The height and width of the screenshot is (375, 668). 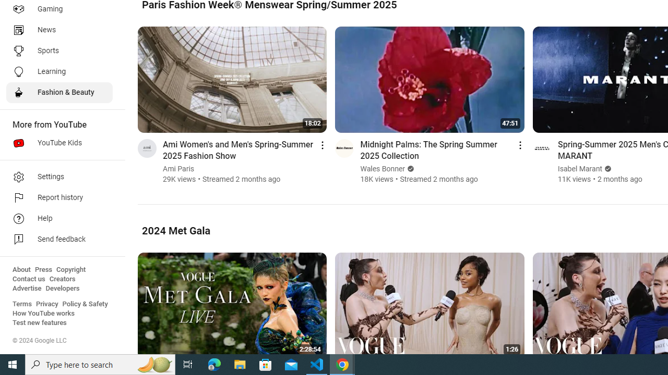 I want to click on 'Go to channel', so click(x=542, y=148).